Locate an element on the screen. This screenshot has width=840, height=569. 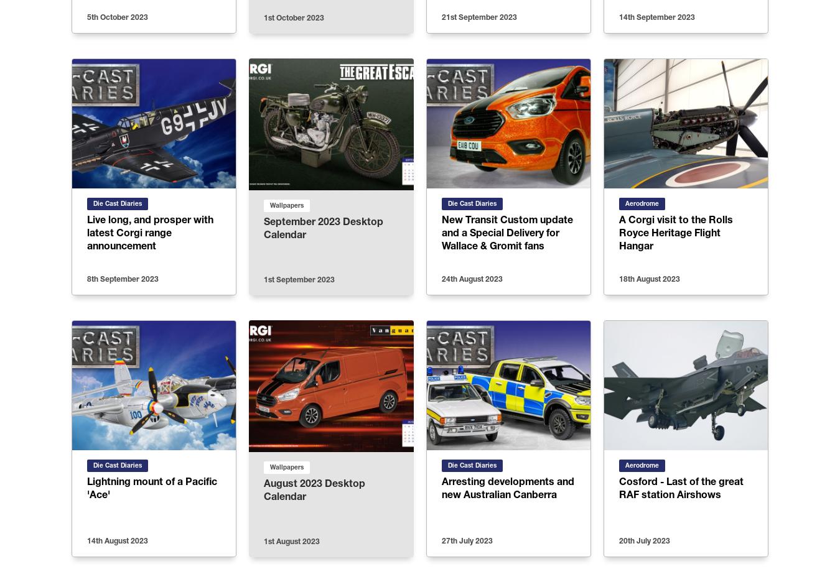
'18th August 2023' is located at coordinates (649, 279).